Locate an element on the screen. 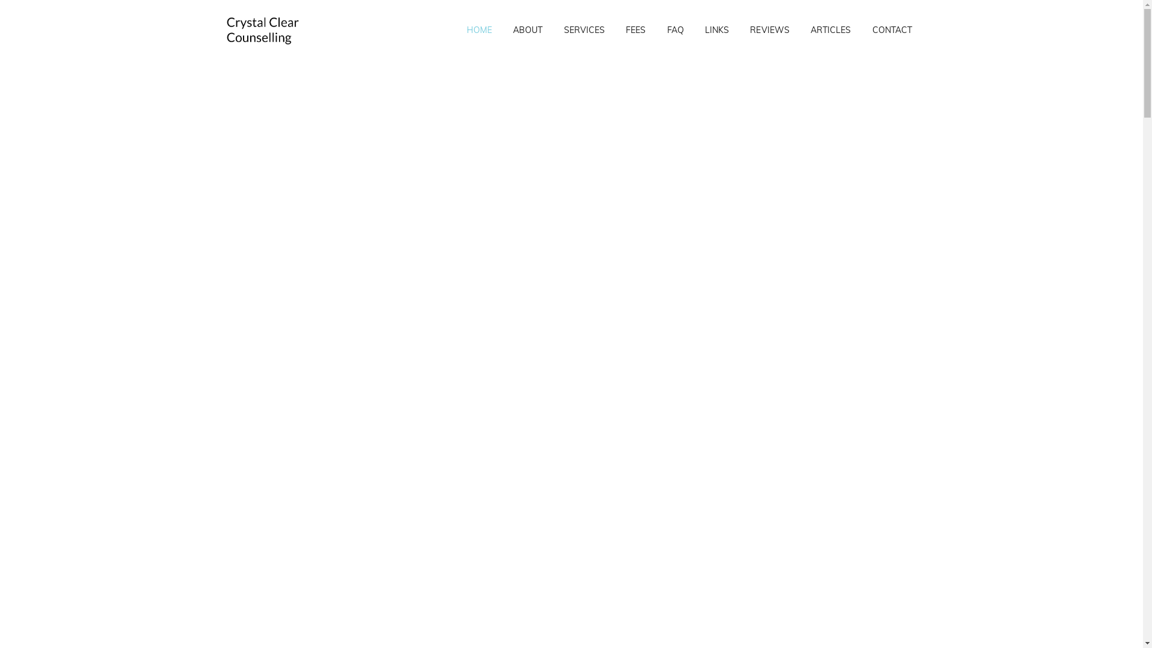 The image size is (1152, 648). 'SERVICES' is located at coordinates (584, 29).